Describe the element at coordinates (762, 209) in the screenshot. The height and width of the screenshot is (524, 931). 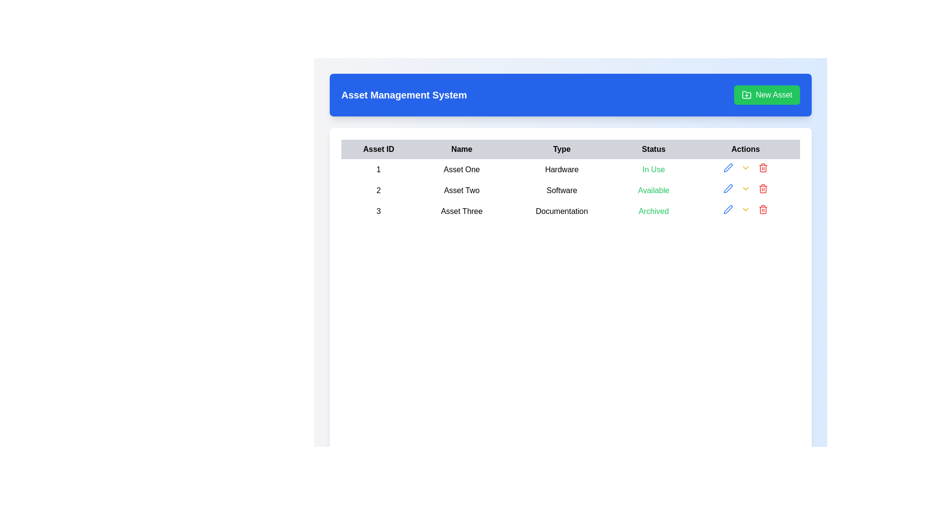
I see `the red trash bin icon in the 'Actions' column of the last row to observe the color change indicating interactivity` at that location.